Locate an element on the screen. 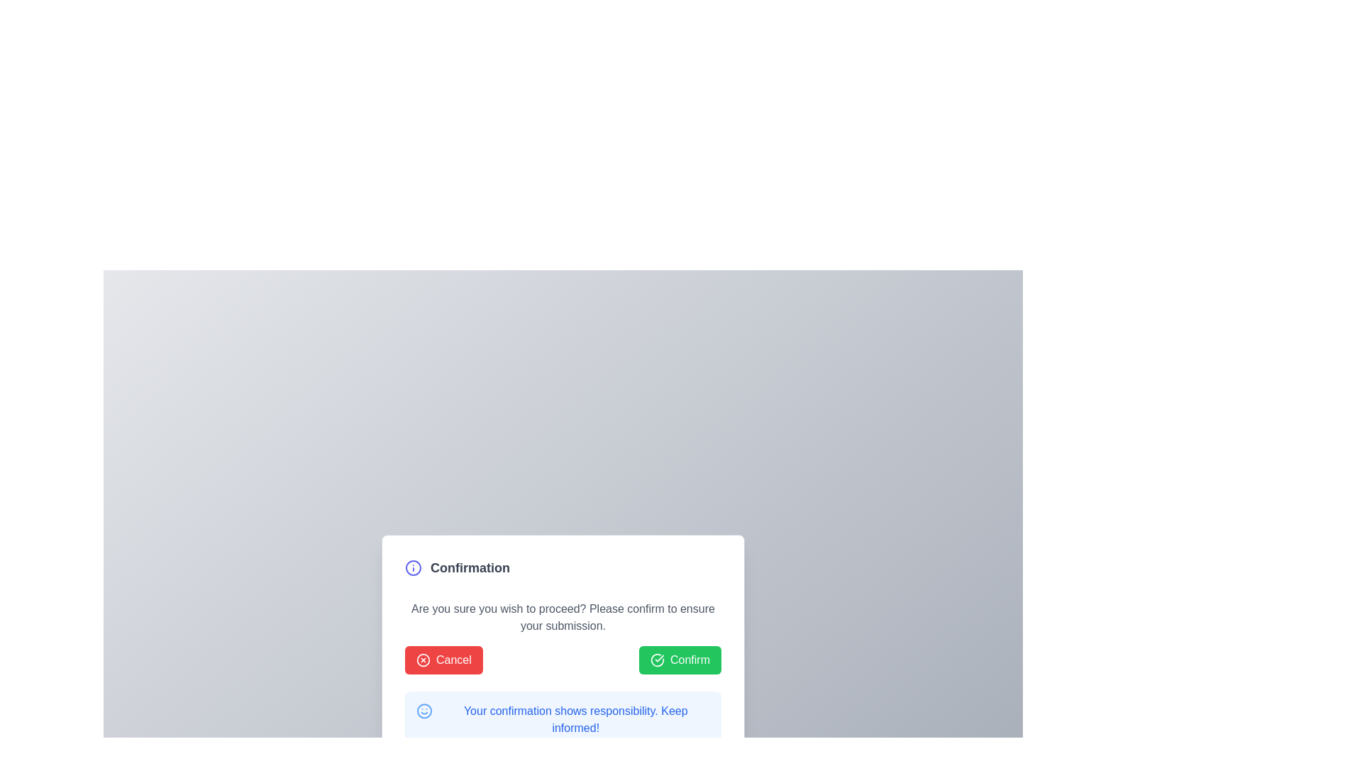 The height and width of the screenshot is (766, 1362). static text that says 'Are you sure you wish to proceed? Please confirm to ensure your submission.' located in the white modal dialog box between the header 'Confirmation' and the buttons 'Cancel' and 'Confirm' is located at coordinates (562, 617).